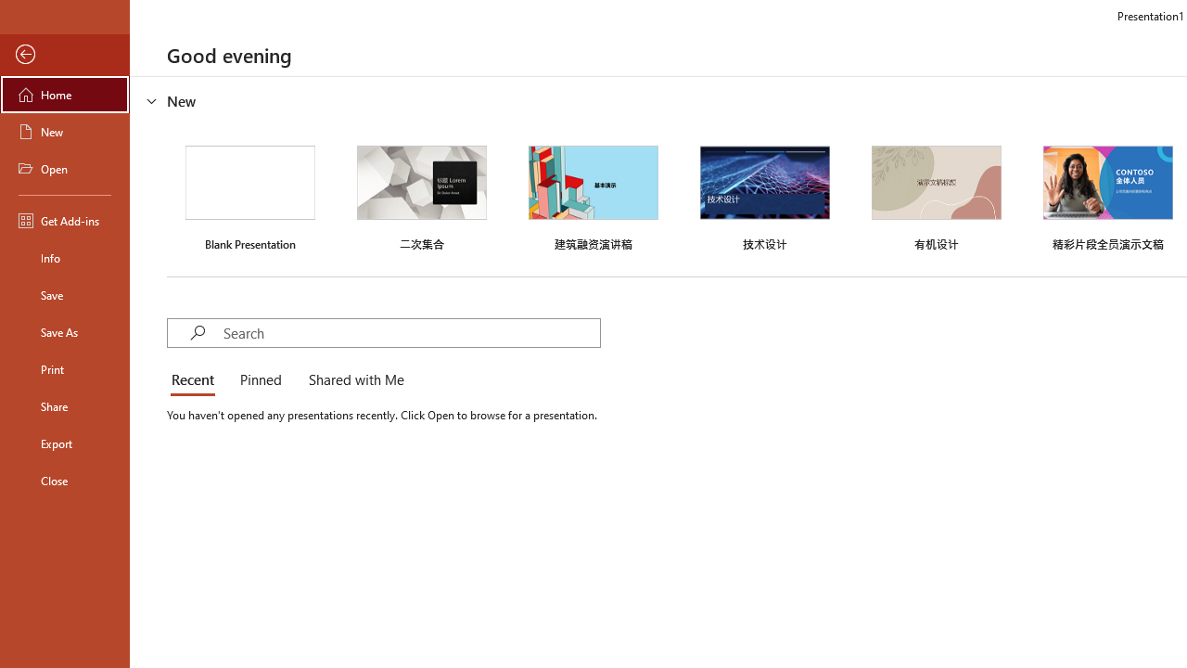 The width and height of the screenshot is (1187, 668). I want to click on 'Pinned', so click(259, 380).